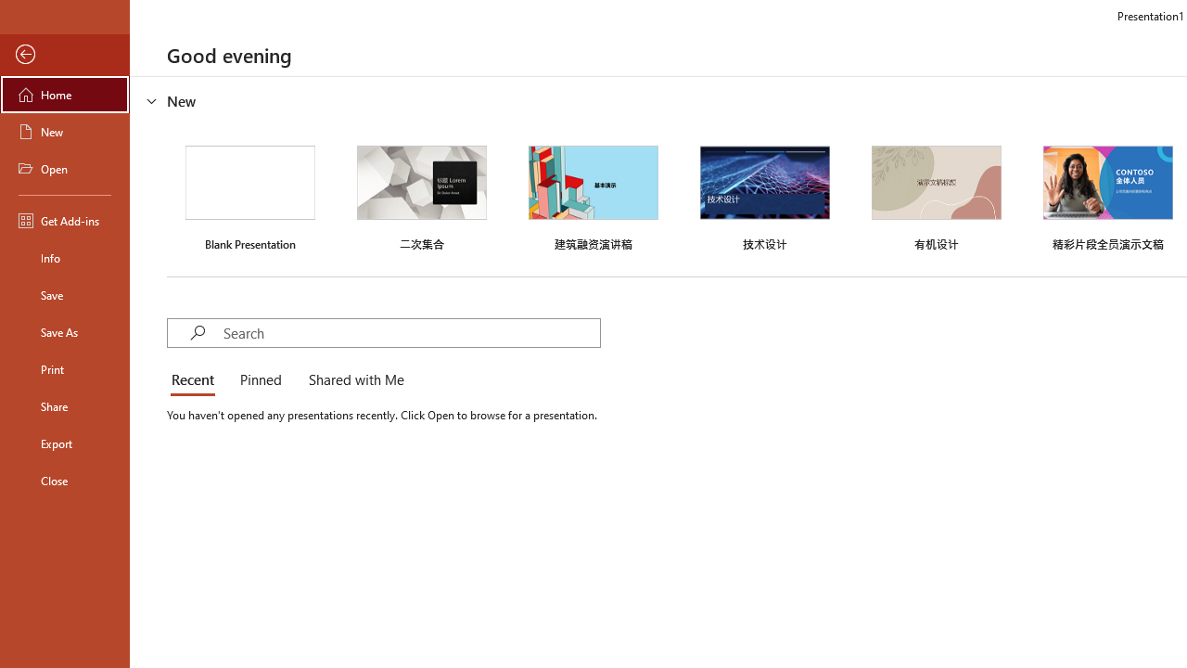 The width and height of the screenshot is (1187, 668). I want to click on 'Pinned', so click(259, 380).